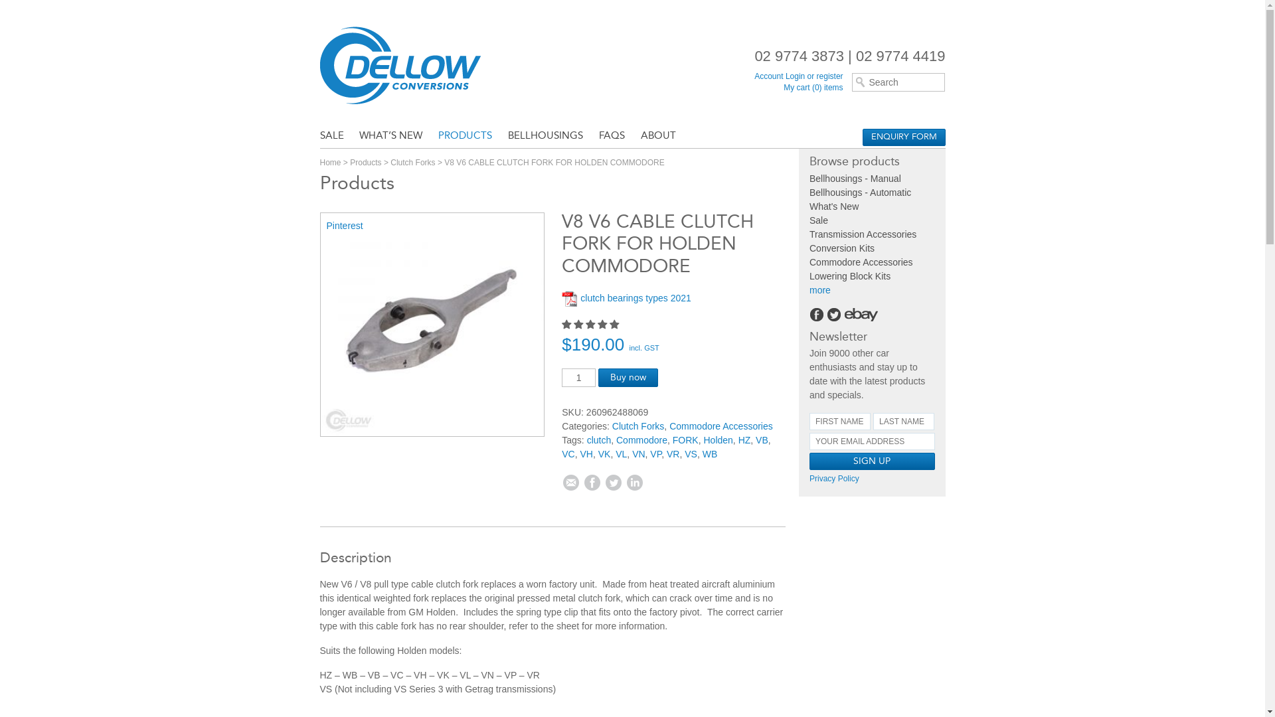 This screenshot has height=717, width=1275. What do you see at coordinates (586, 453) in the screenshot?
I see `'VH'` at bounding box center [586, 453].